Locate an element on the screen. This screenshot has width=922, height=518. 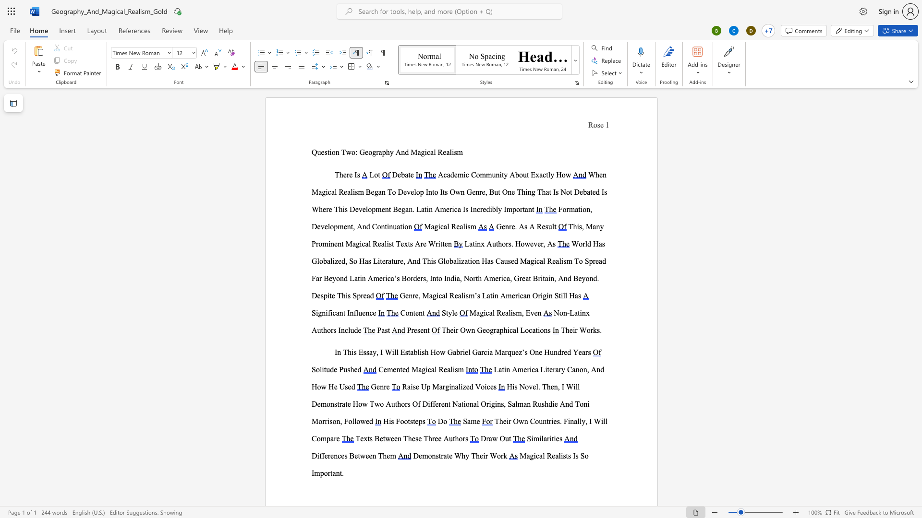
the space between the continuous character "S" and "t" in the text is located at coordinates (558, 295).